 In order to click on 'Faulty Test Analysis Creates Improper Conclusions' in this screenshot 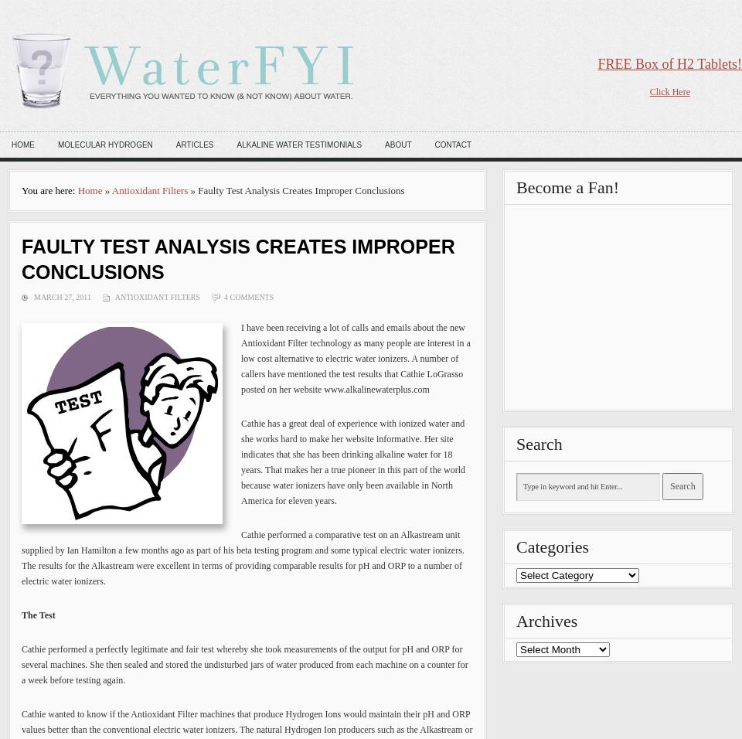, I will do `click(237, 257)`.